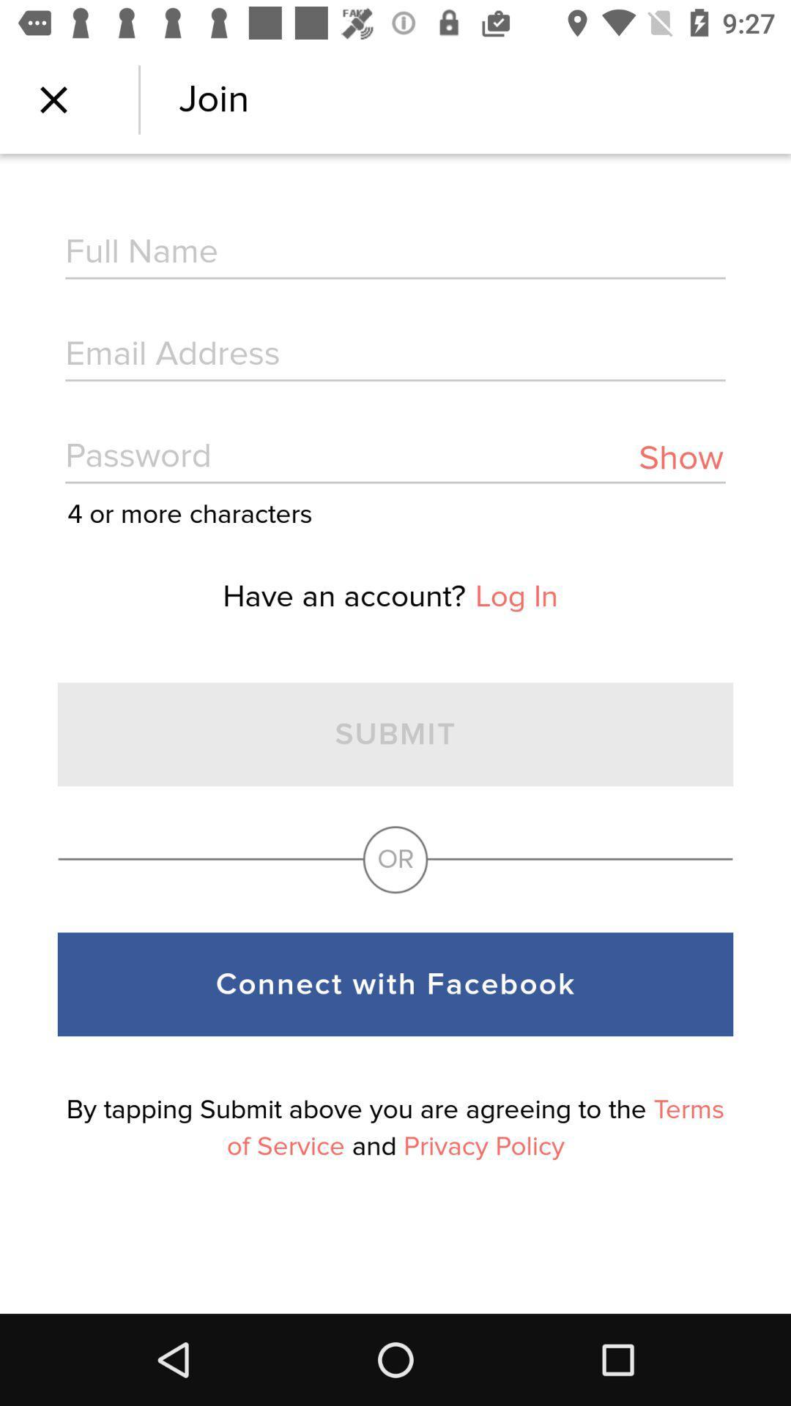 The width and height of the screenshot is (791, 1406). Describe the element at coordinates (53, 99) in the screenshot. I see `close` at that location.